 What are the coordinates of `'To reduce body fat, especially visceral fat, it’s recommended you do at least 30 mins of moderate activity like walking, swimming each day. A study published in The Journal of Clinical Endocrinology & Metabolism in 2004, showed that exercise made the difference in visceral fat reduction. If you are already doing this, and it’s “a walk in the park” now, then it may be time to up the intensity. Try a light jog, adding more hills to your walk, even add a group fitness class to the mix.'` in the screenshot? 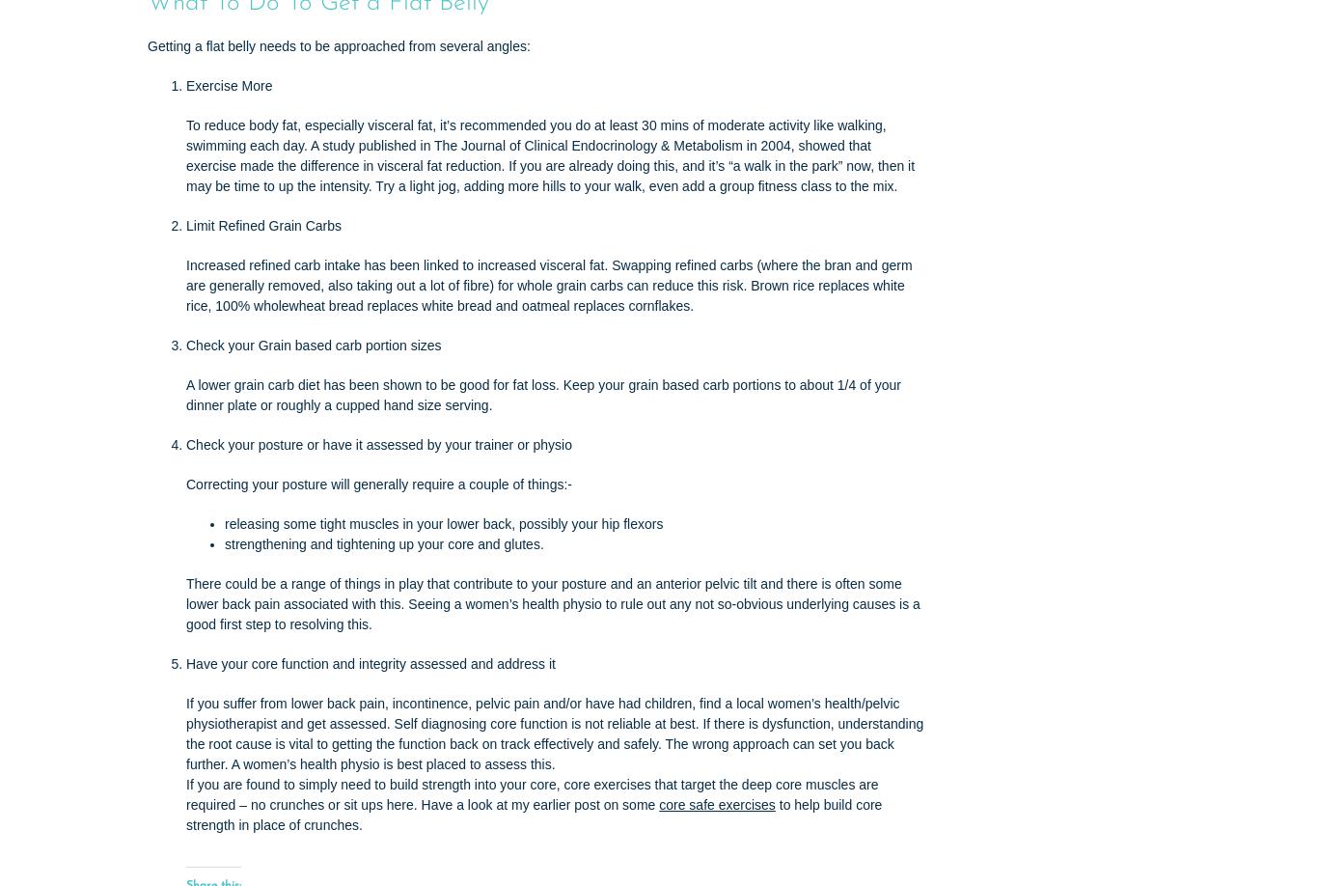 It's located at (549, 155).